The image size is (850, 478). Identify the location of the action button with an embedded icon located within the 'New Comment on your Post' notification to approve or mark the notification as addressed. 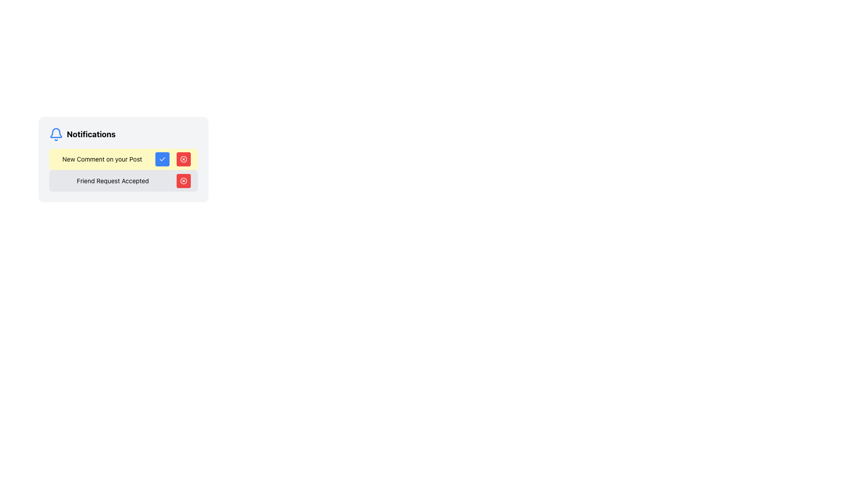
(162, 158).